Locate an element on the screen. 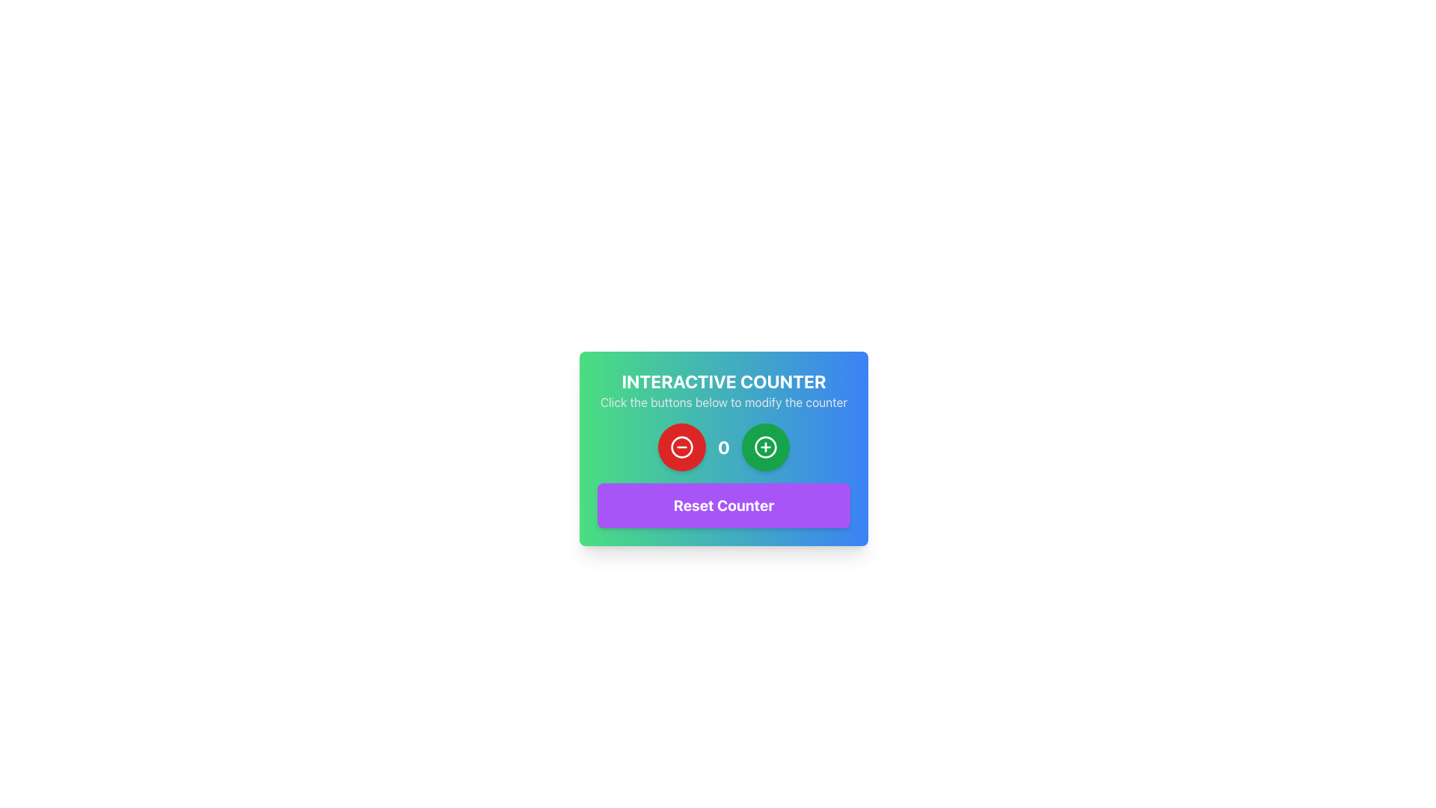 The image size is (1436, 808). the 'Reset Counter' button in the interactive counter interface to reset the counter value is located at coordinates (724, 487).